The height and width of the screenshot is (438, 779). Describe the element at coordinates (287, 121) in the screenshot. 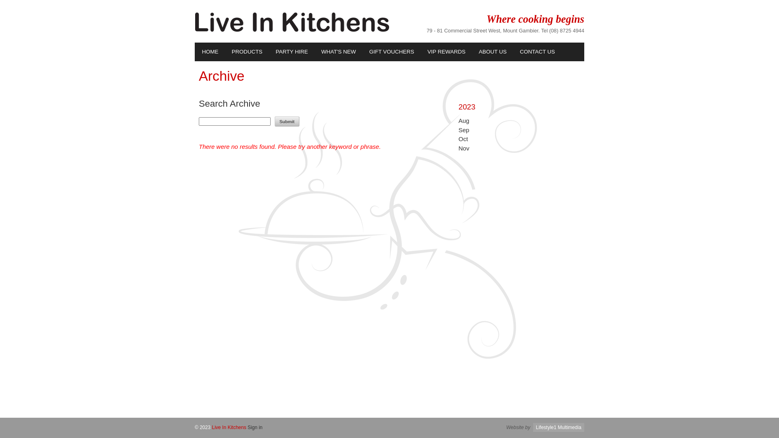

I see `'Submit'` at that location.